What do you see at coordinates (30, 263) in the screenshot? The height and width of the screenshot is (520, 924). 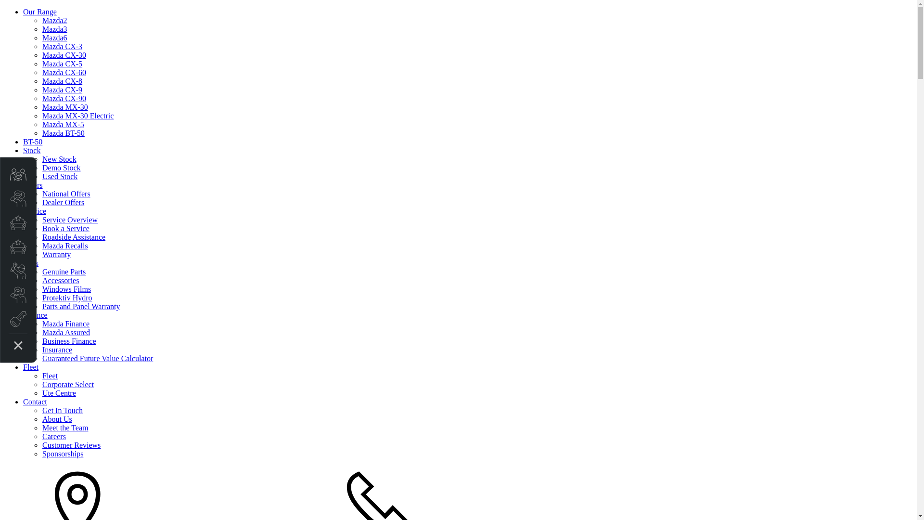 I see `'Parts'` at bounding box center [30, 263].